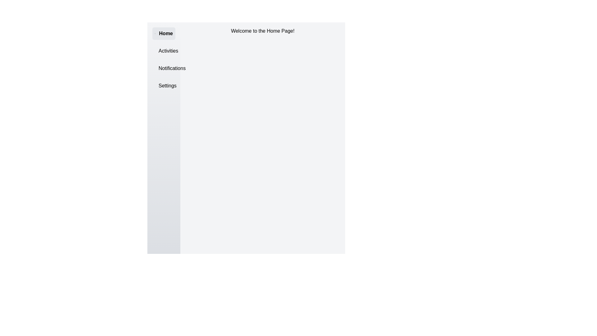  What do you see at coordinates (158, 51) in the screenshot?
I see `the decorative icon next to the 'Activities' menu item` at bounding box center [158, 51].